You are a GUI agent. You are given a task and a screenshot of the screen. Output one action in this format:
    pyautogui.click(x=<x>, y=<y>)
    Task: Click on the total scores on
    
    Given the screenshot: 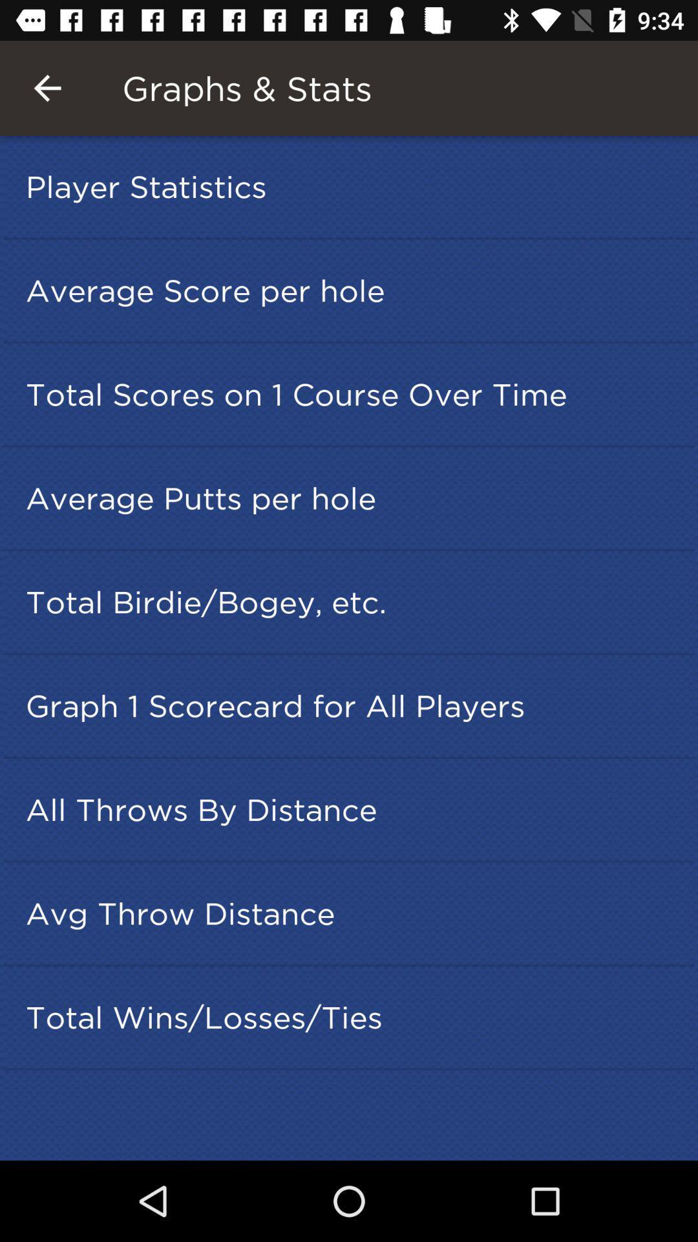 What is the action you would take?
    pyautogui.click(x=353, y=393)
    